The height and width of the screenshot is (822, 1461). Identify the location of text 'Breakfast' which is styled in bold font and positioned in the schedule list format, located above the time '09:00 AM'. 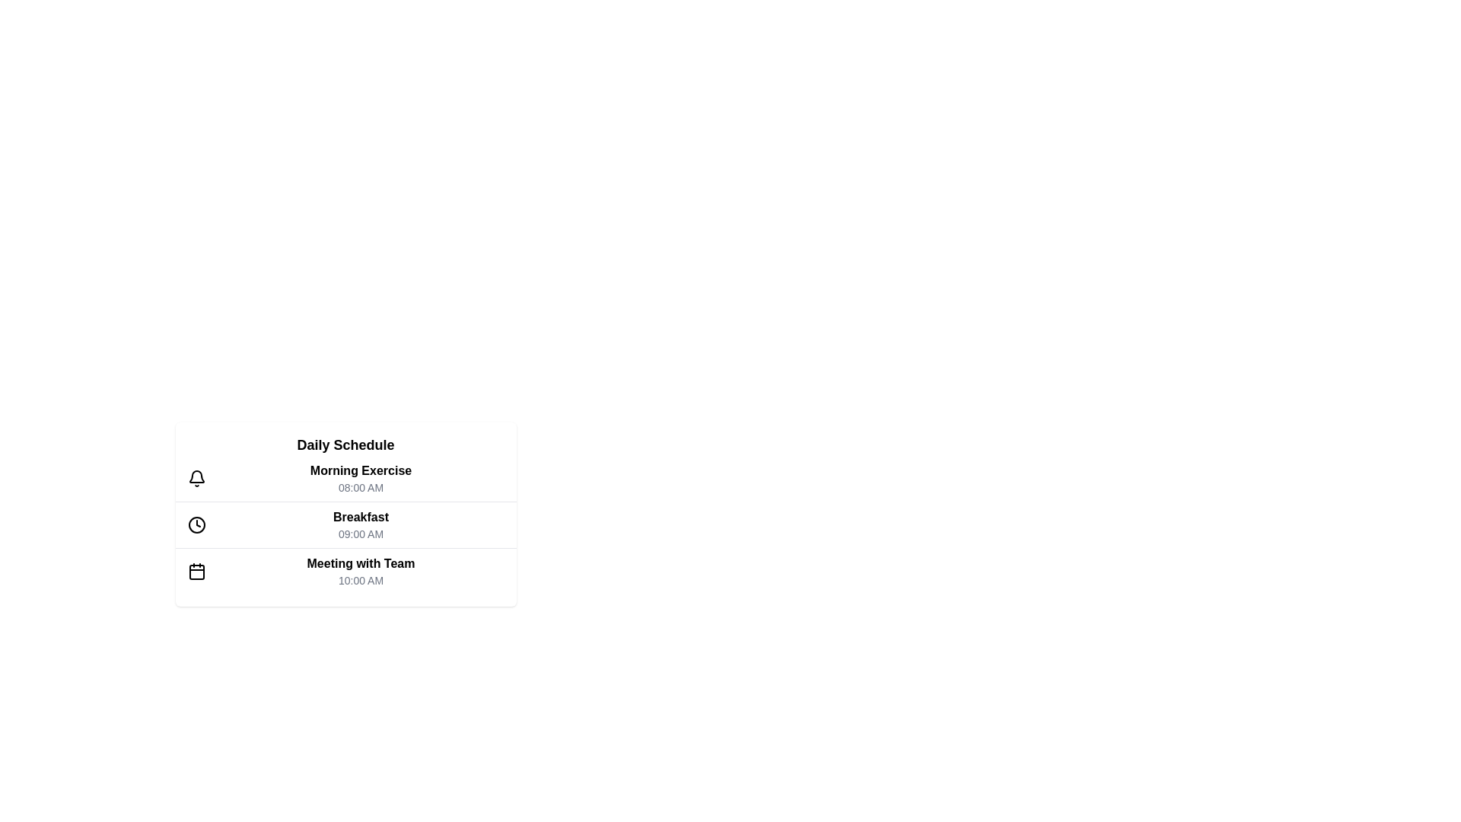
(360, 516).